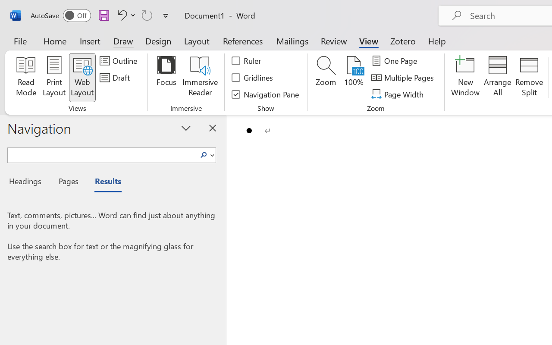  What do you see at coordinates (246, 61) in the screenshot?
I see `'Ruler'` at bounding box center [246, 61].